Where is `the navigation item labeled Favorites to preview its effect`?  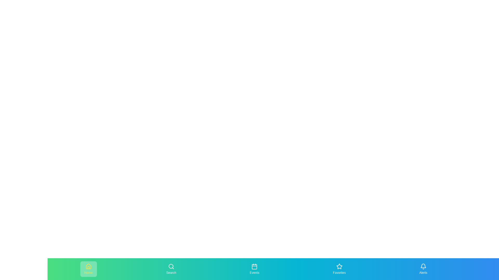 the navigation item labeled Favorites to preview its effect is located at coordinates (339, 269).